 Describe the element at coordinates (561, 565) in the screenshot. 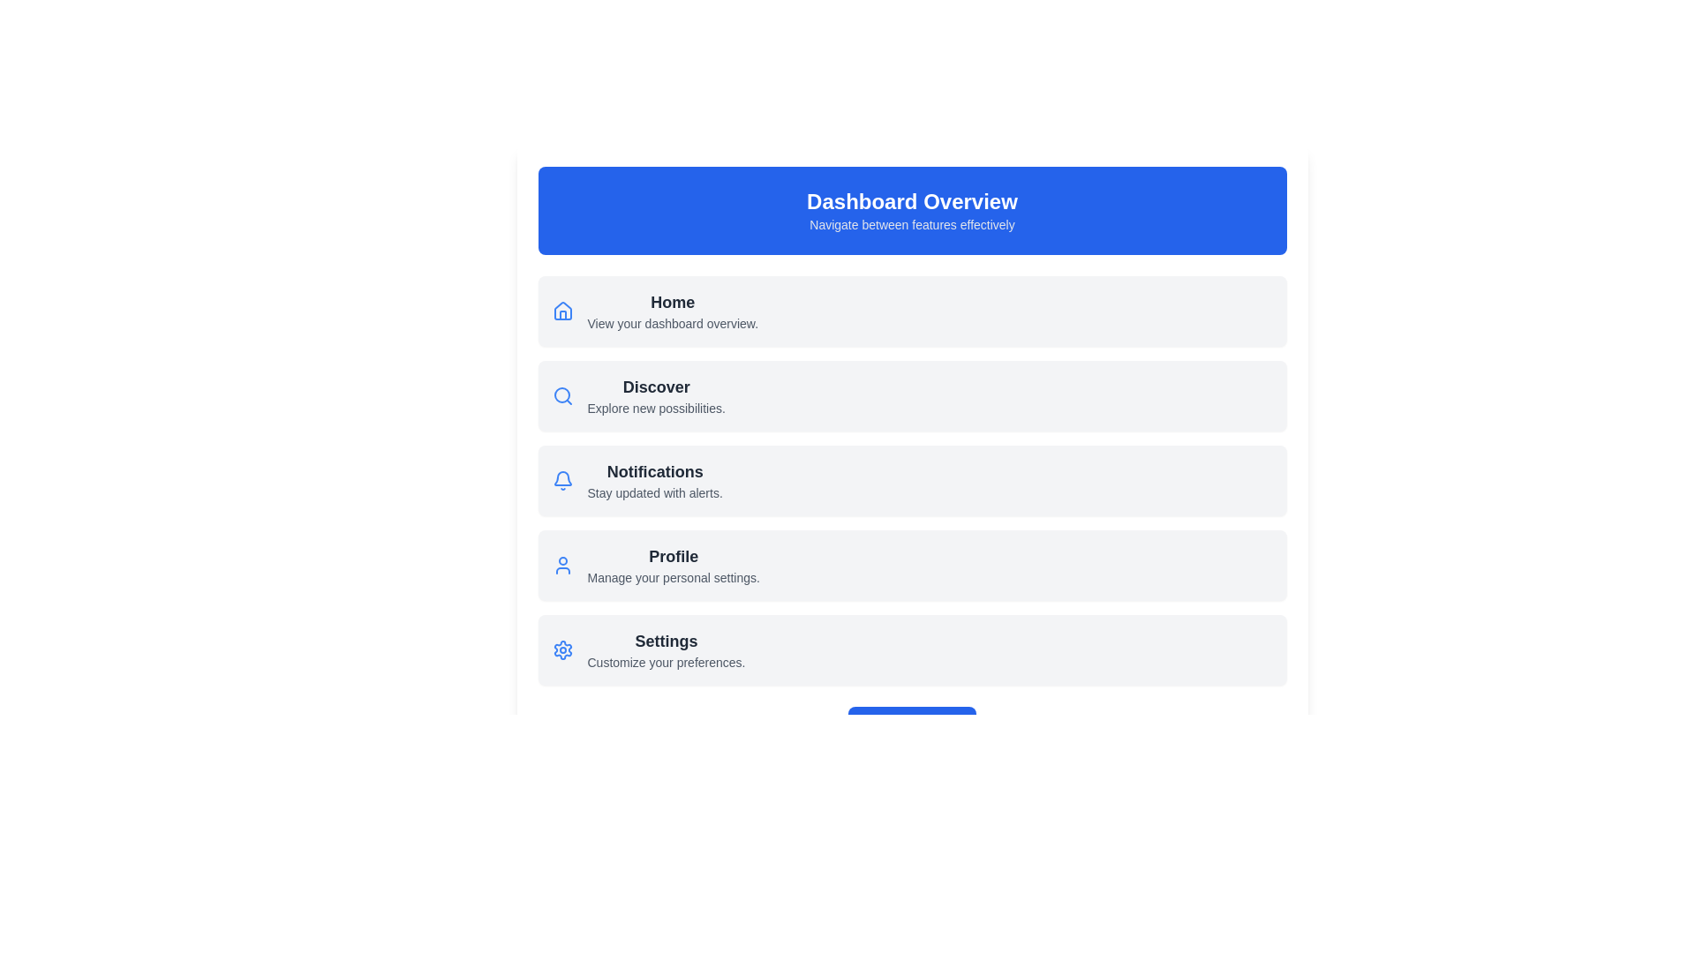

I see `the user profile icon, which is a simplistic blue SVG icon located on the left side of the 'Profile' section, above the text 'Profile' and 'Manage your personal settings'` at that location.